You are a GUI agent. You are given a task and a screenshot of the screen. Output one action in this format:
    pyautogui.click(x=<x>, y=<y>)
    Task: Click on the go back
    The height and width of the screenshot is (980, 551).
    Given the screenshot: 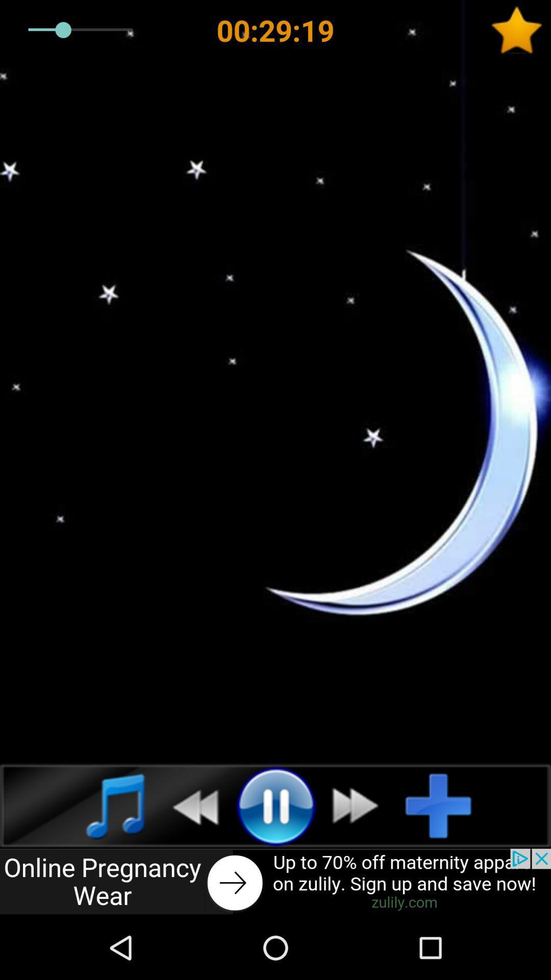 What is the action you would take?
    pyautogui.click(x=275, y=881)
    